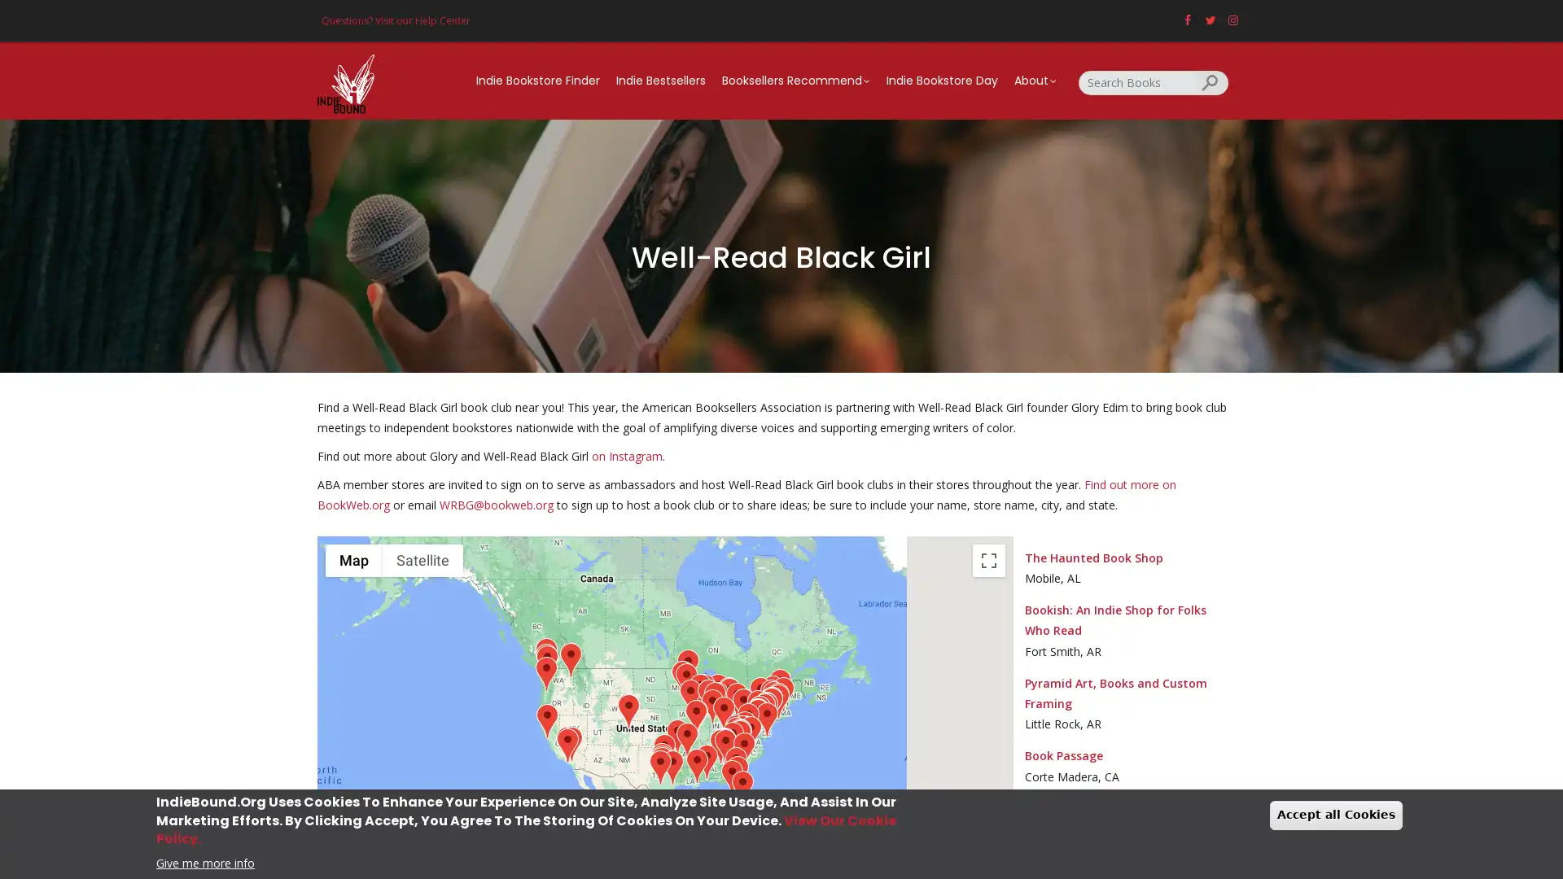  I want to click on Foggy Pine Books, so click(734, 730).